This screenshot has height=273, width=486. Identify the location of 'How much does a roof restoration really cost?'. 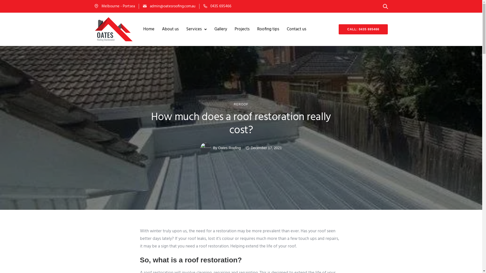
(240, 124).